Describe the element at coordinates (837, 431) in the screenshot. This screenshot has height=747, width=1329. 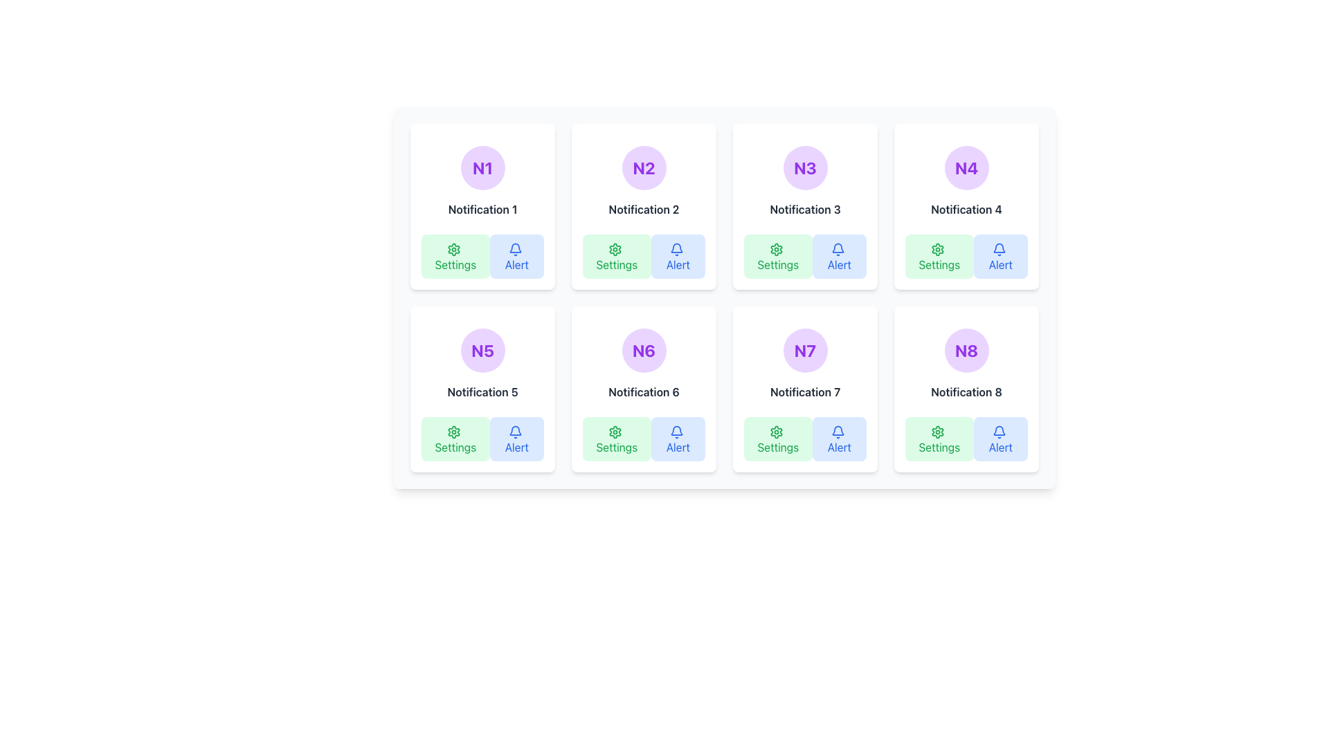
I see `the bell icon in the 'Alert' button located at the bottom-right section of the 'Notification 7' card, which serves as a visual indicator for alerts and notifications` at that location.